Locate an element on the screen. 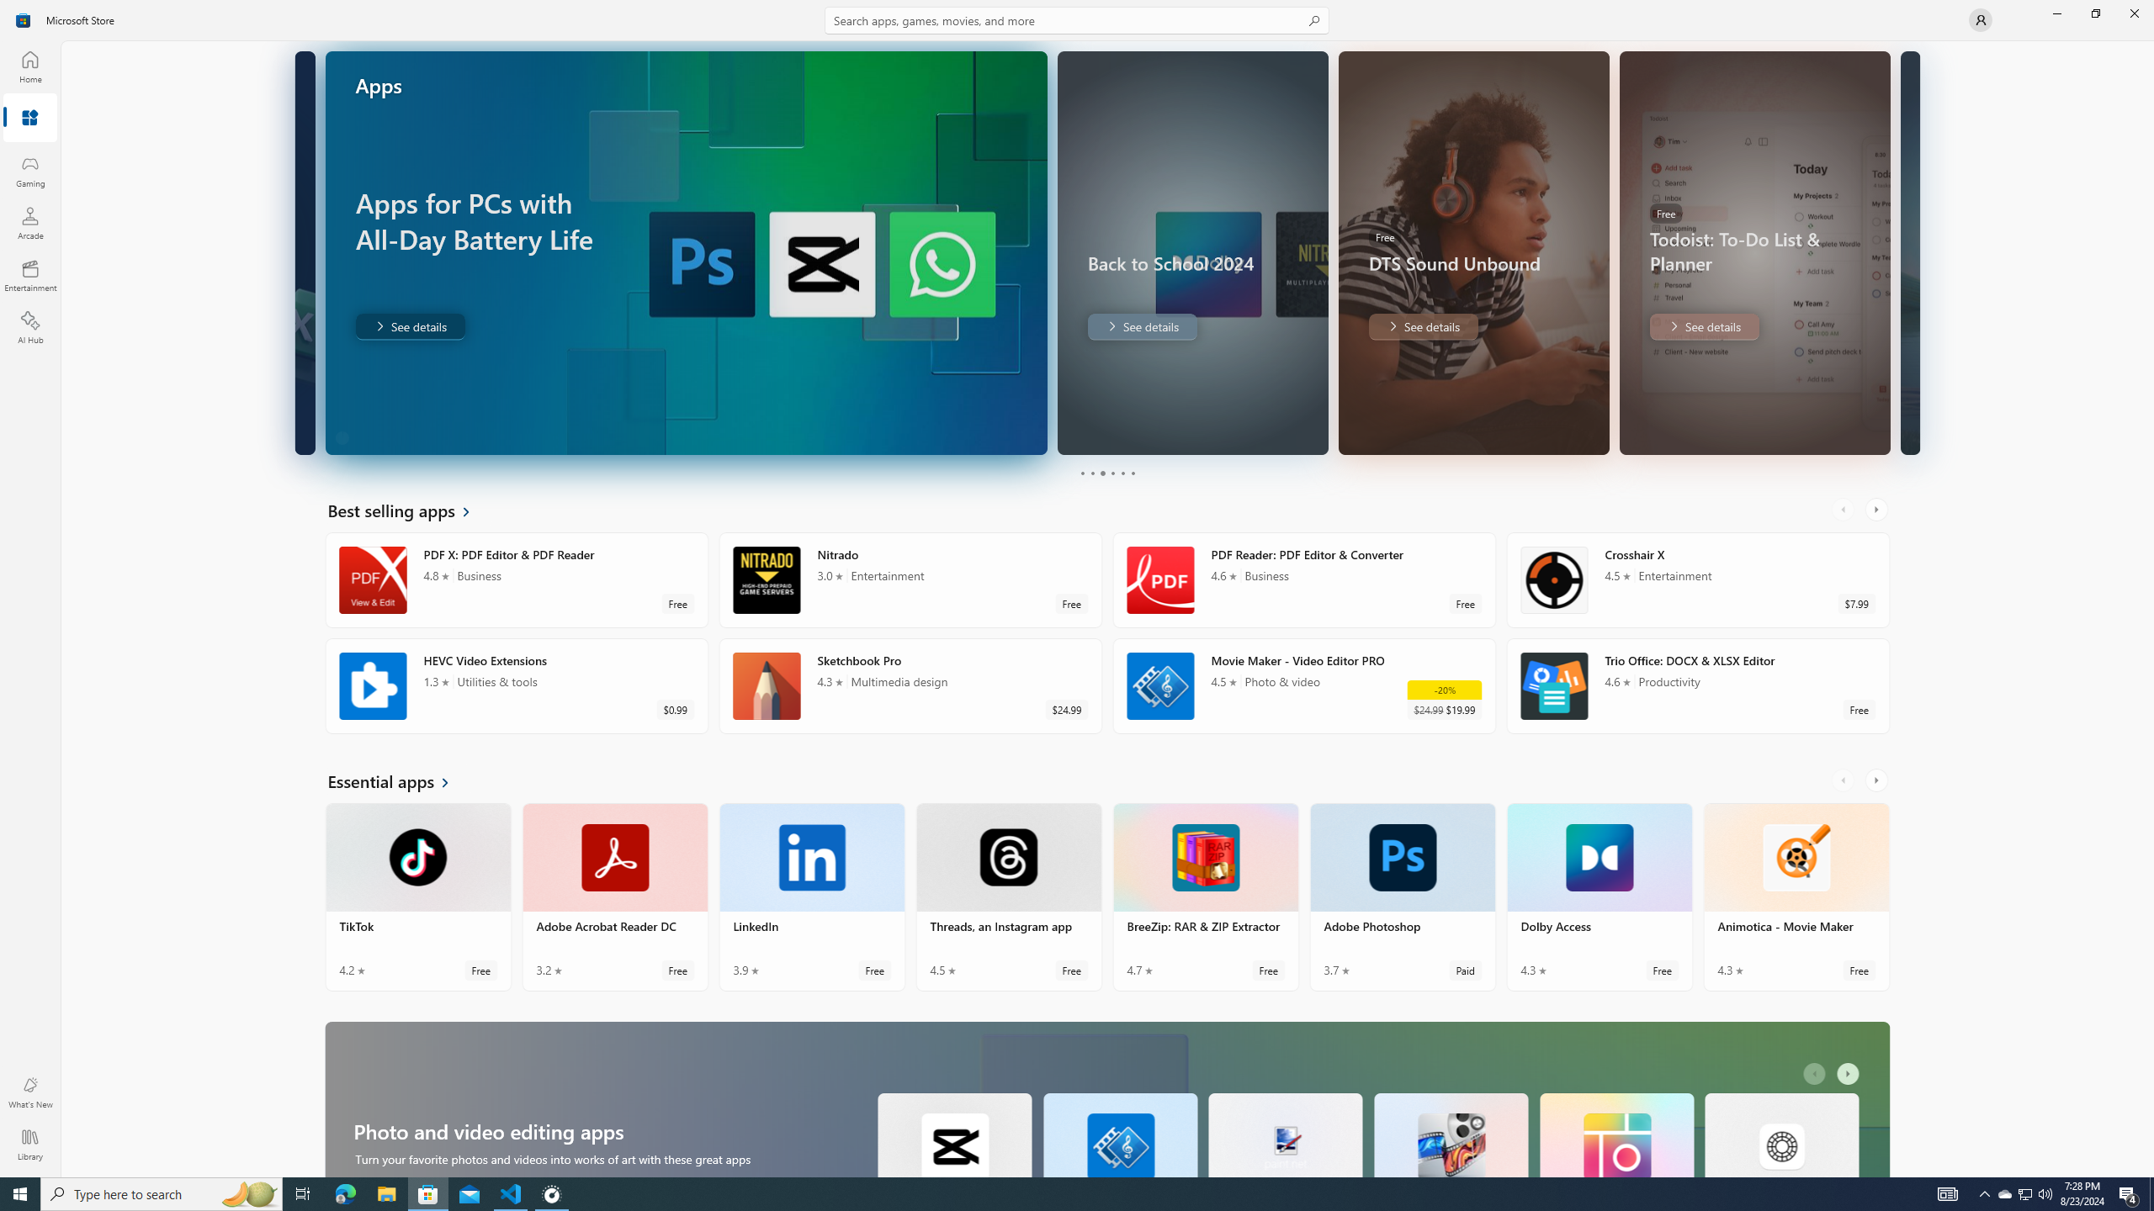 Image resolution: width=2154 pixels, height=1211 pixels. 'Page 1' is located at coordinates (1081, 473).